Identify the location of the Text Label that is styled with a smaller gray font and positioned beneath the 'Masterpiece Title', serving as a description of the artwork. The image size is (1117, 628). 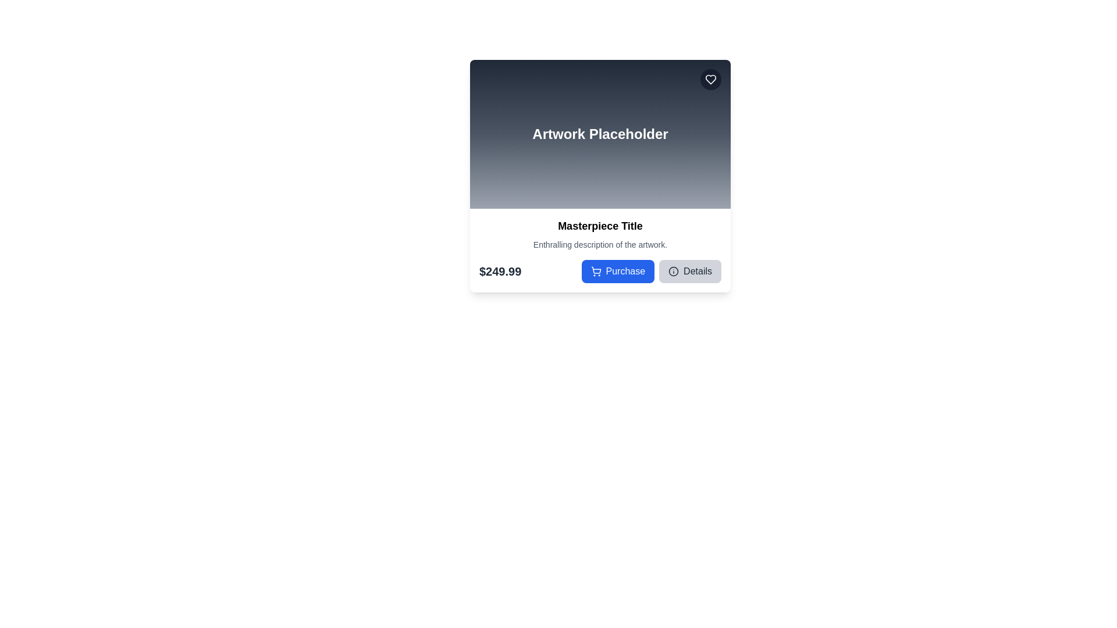
(600, 244).